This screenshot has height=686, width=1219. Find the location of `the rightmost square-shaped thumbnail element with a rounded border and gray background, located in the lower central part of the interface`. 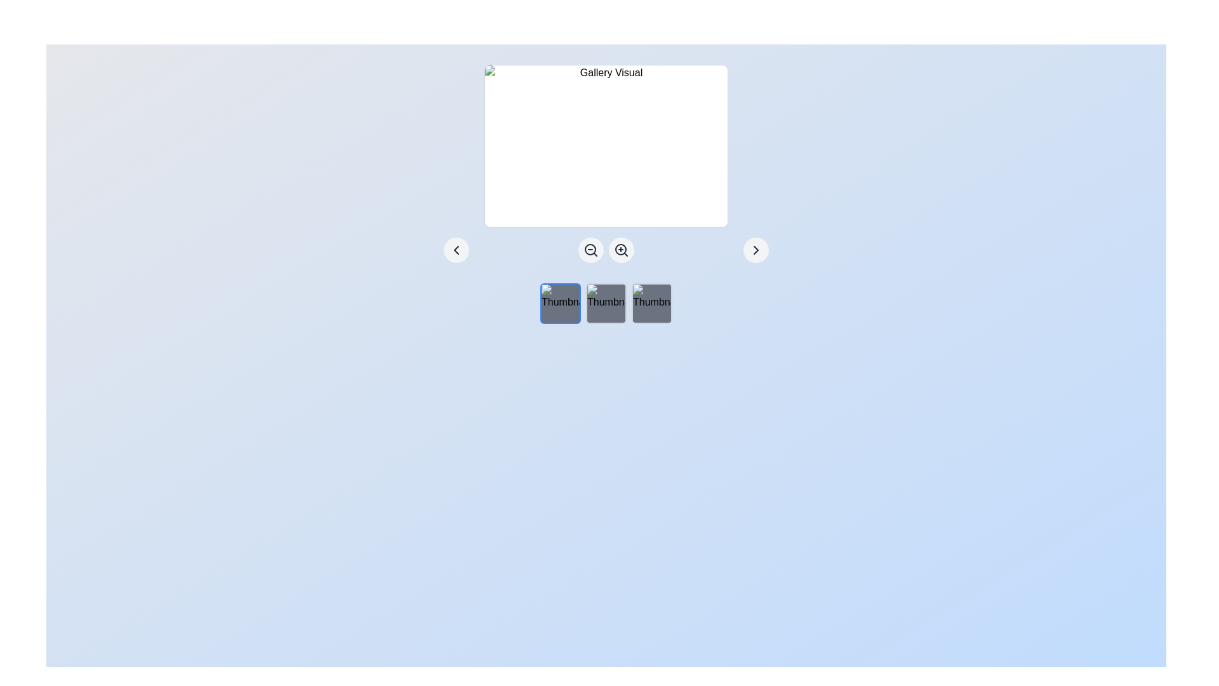

the rightmost square-shaped thumbnail element with a rounded border and gray background, located in the lower central part of the interface is located at coordinates (652, 304).